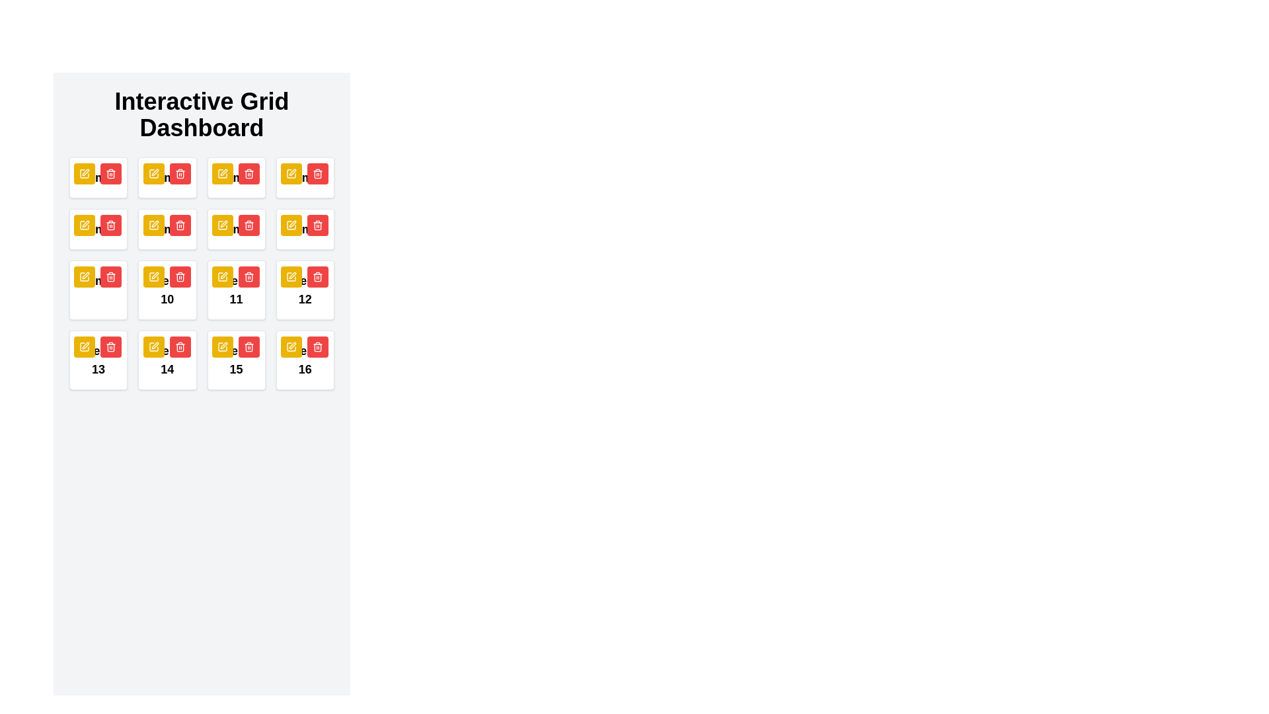  Describe the element at coordinates (111, 346) in the screenshot. I see `the red trashcan icon in the grid structure, specifically the one located in the fourth row and first column` at that location.